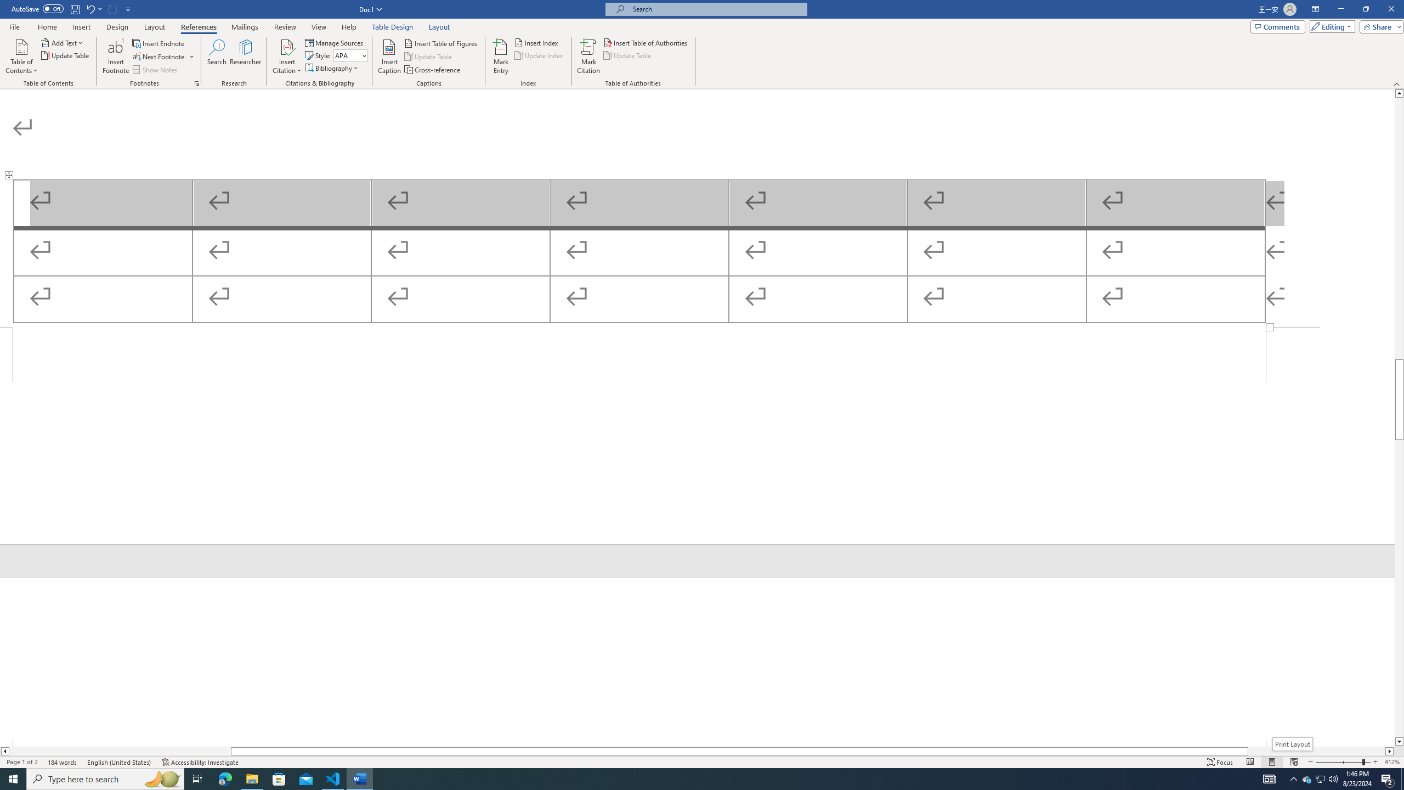 The height and width of the screenshot is (790, 1404). I want to click on 'Can', so click(112, 8).